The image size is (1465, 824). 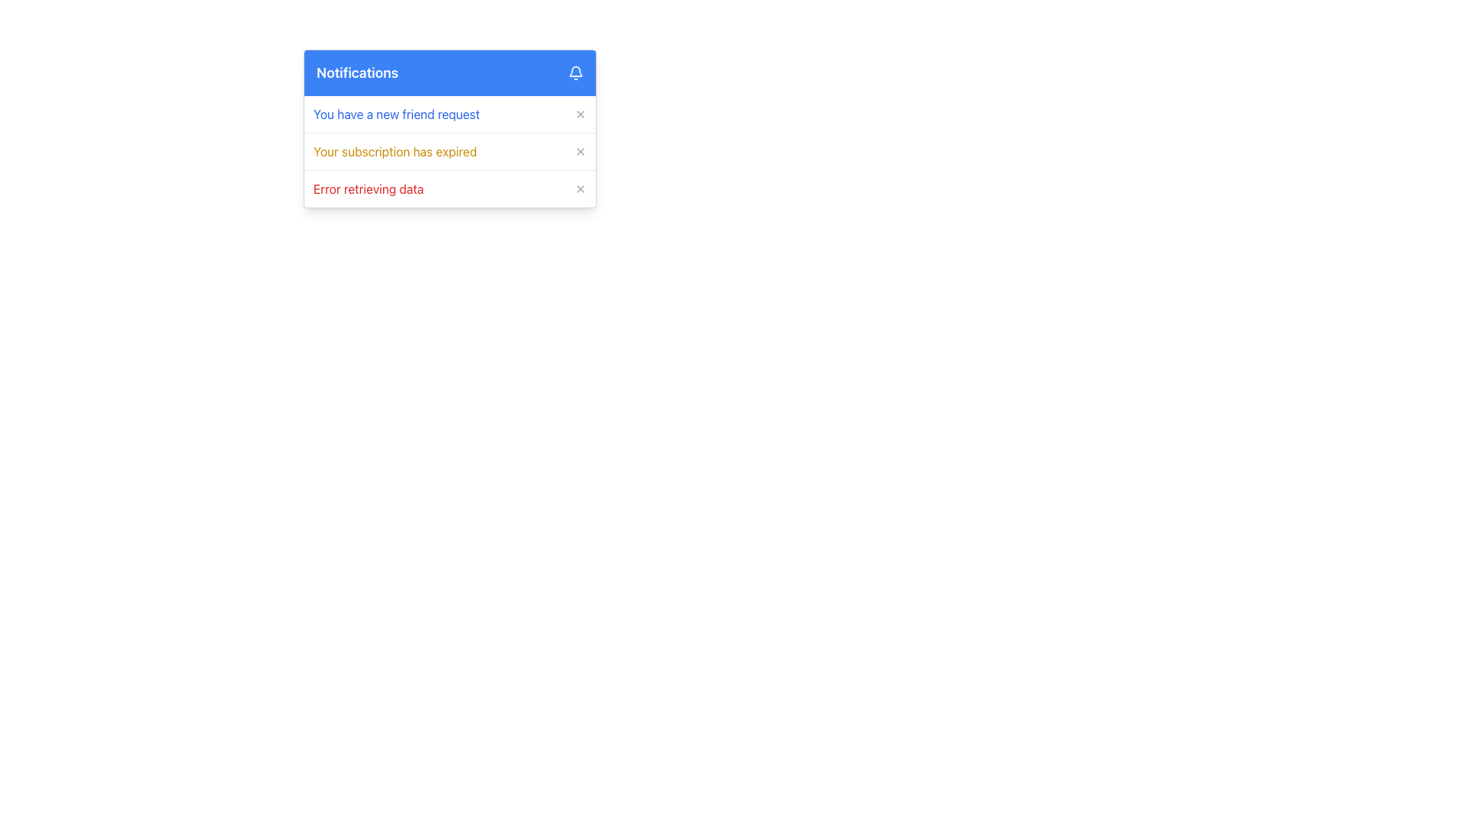 I want to click on the close button on the right of the notification panel entry featuring the text 'Error retrieving data' in red font, so click(x=449, y=188).